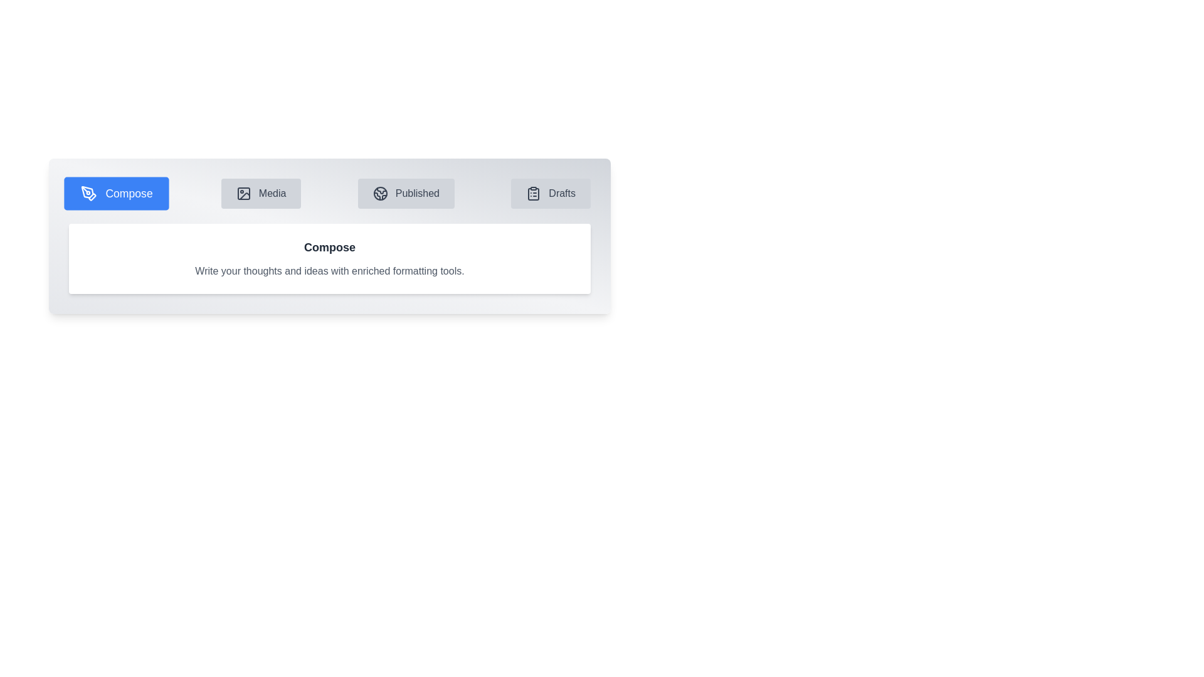 This screenshot has width=1204, height=677. Describe the element at coordinates (260, 193) in the screenshot. I see `the tab labeled Media` at that location.